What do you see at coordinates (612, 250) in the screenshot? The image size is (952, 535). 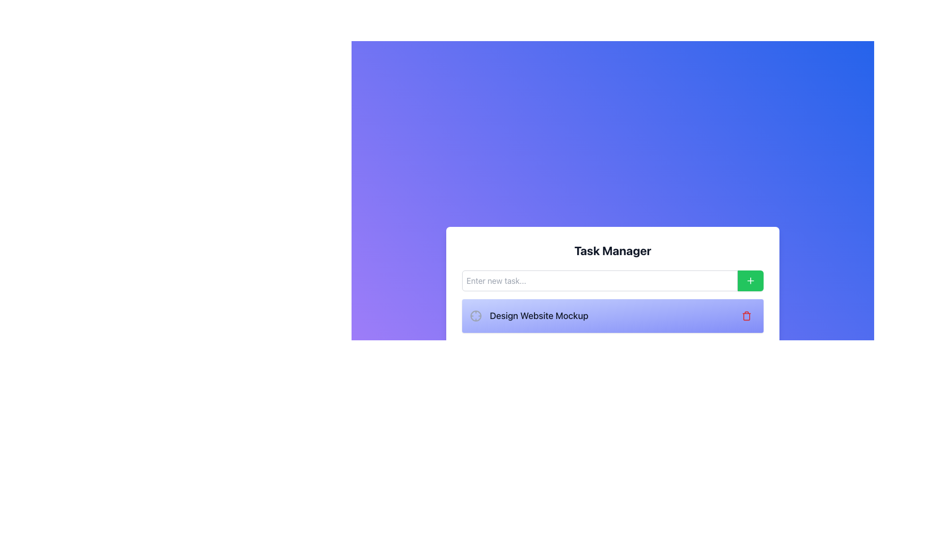 I see `the title 'Task Manager' which is styled in bold and centered above the main content section on a white card-like background` at bounding box center [612, 250].